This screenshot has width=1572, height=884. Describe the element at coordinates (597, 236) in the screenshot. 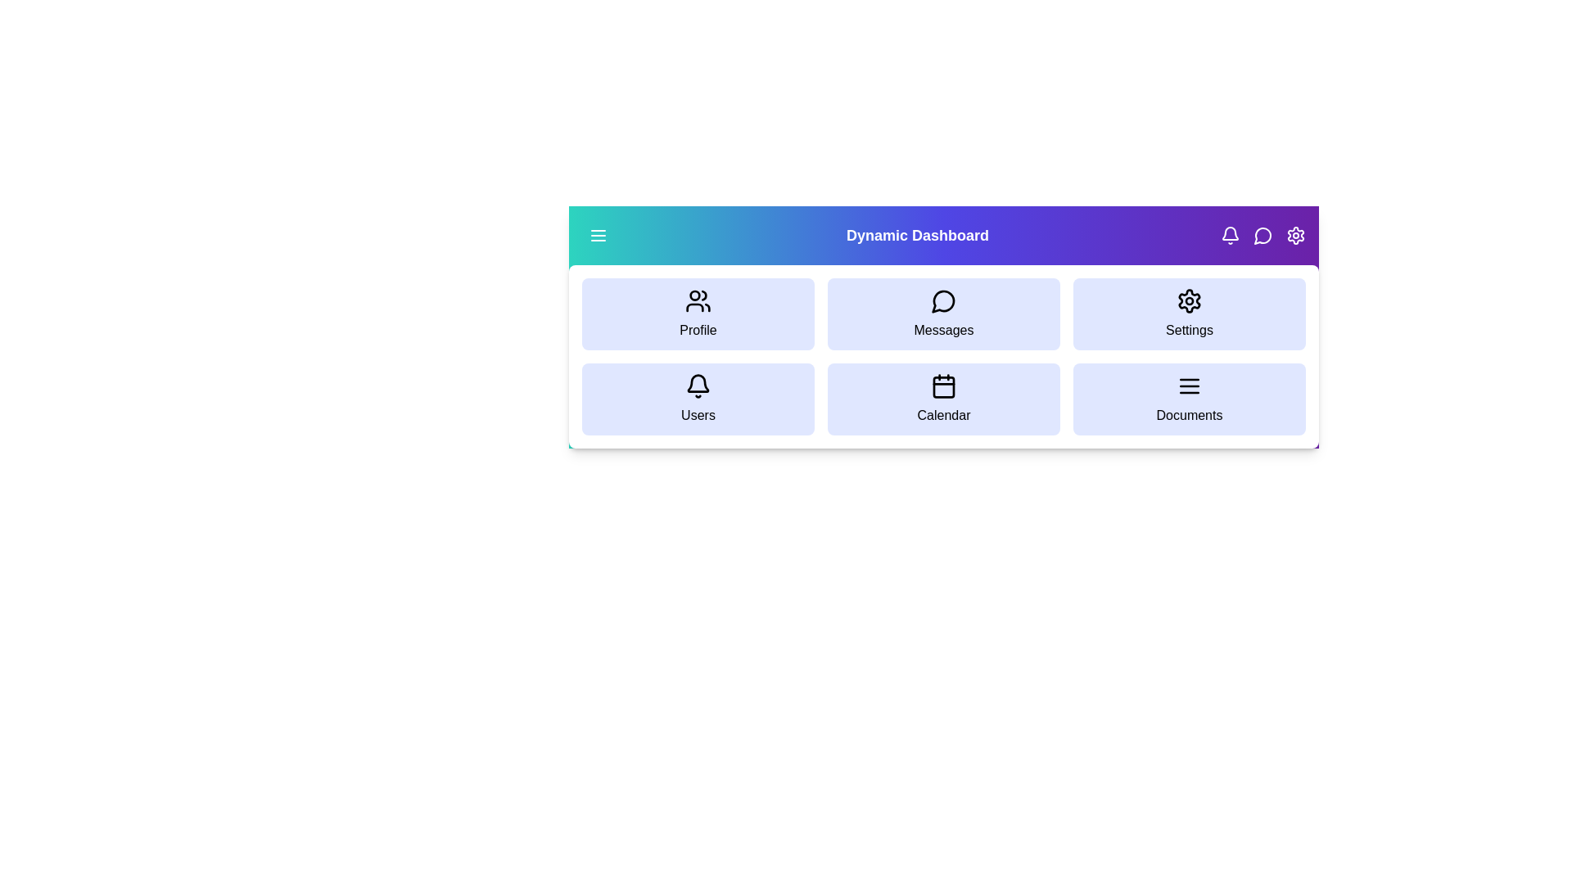

I see `the menu button to toggle the menu visibility` at that location.